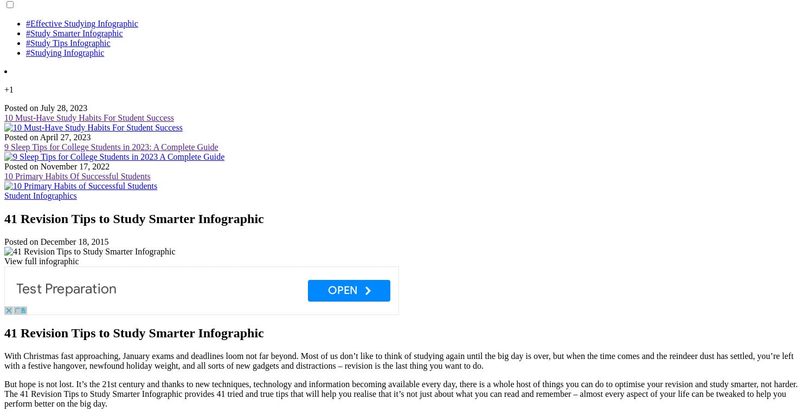 The width and height of the screenshot is (811, 418). I want to click on '9 Sleep Tips for College Students in 2023: A Complete Guide', so click(111, 147).